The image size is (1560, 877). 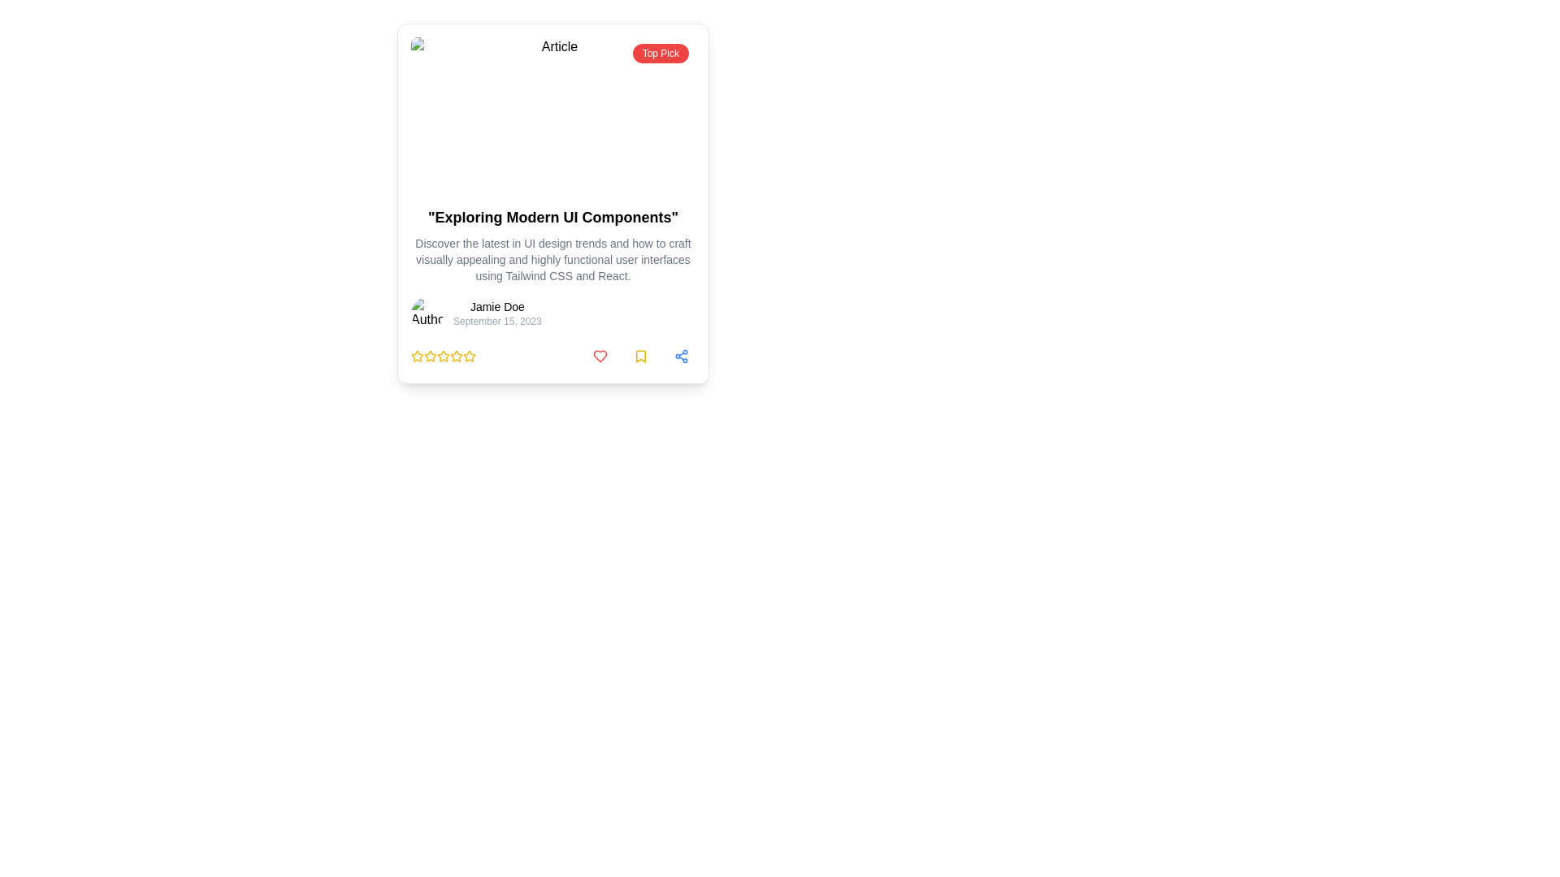 I want to click on the avatar image representing the author, Jamie Doe, located on the left side of the text information, so click(x=427, y=313).